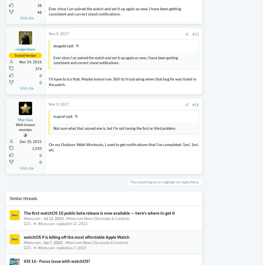 The width and height of the screenshot is (263, 265). What do you see at coordinates (25, 159) in the screenshot?
I see `'Well-known member'` at bounding box center [25, 159].